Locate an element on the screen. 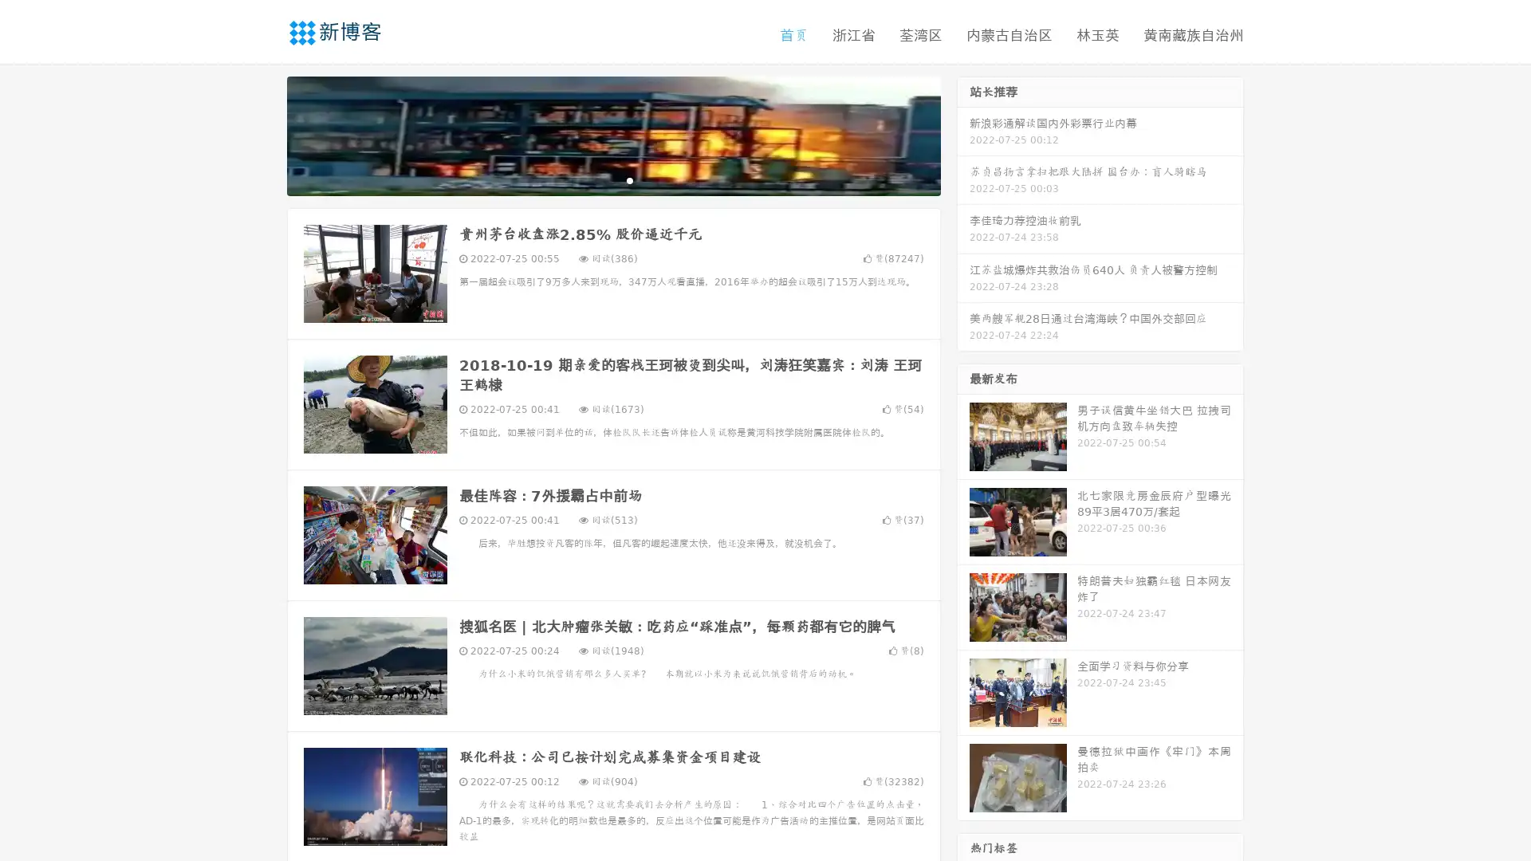 This screenshot has height=861, width=1531. Go to slide 2 is located at coordinates (612, 179).